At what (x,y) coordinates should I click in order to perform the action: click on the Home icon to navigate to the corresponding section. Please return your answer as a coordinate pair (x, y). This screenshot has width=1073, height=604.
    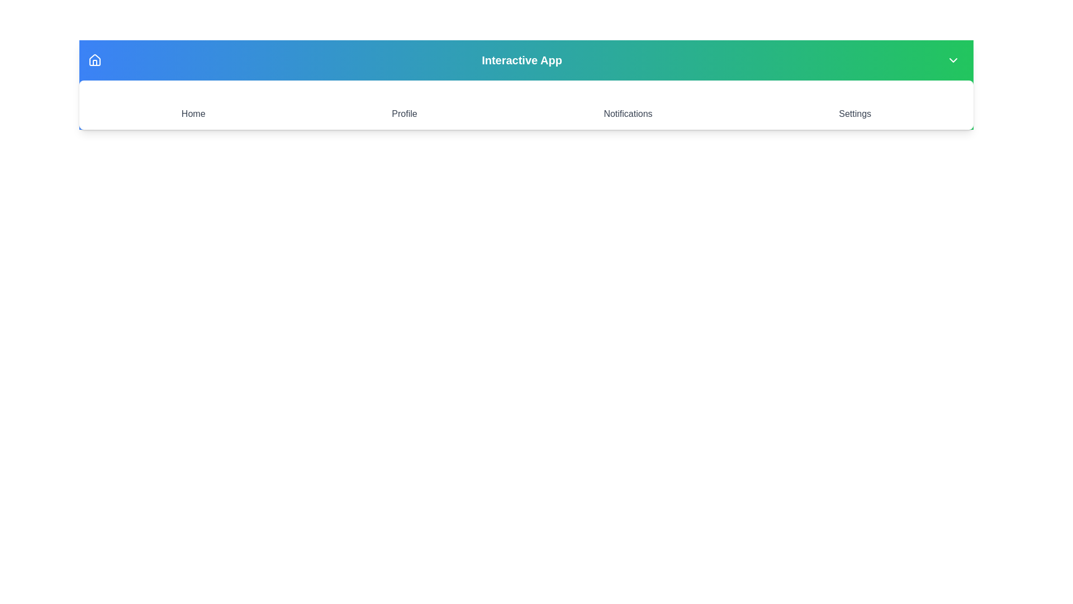
    Looking at the image, I should click on (193, 105).